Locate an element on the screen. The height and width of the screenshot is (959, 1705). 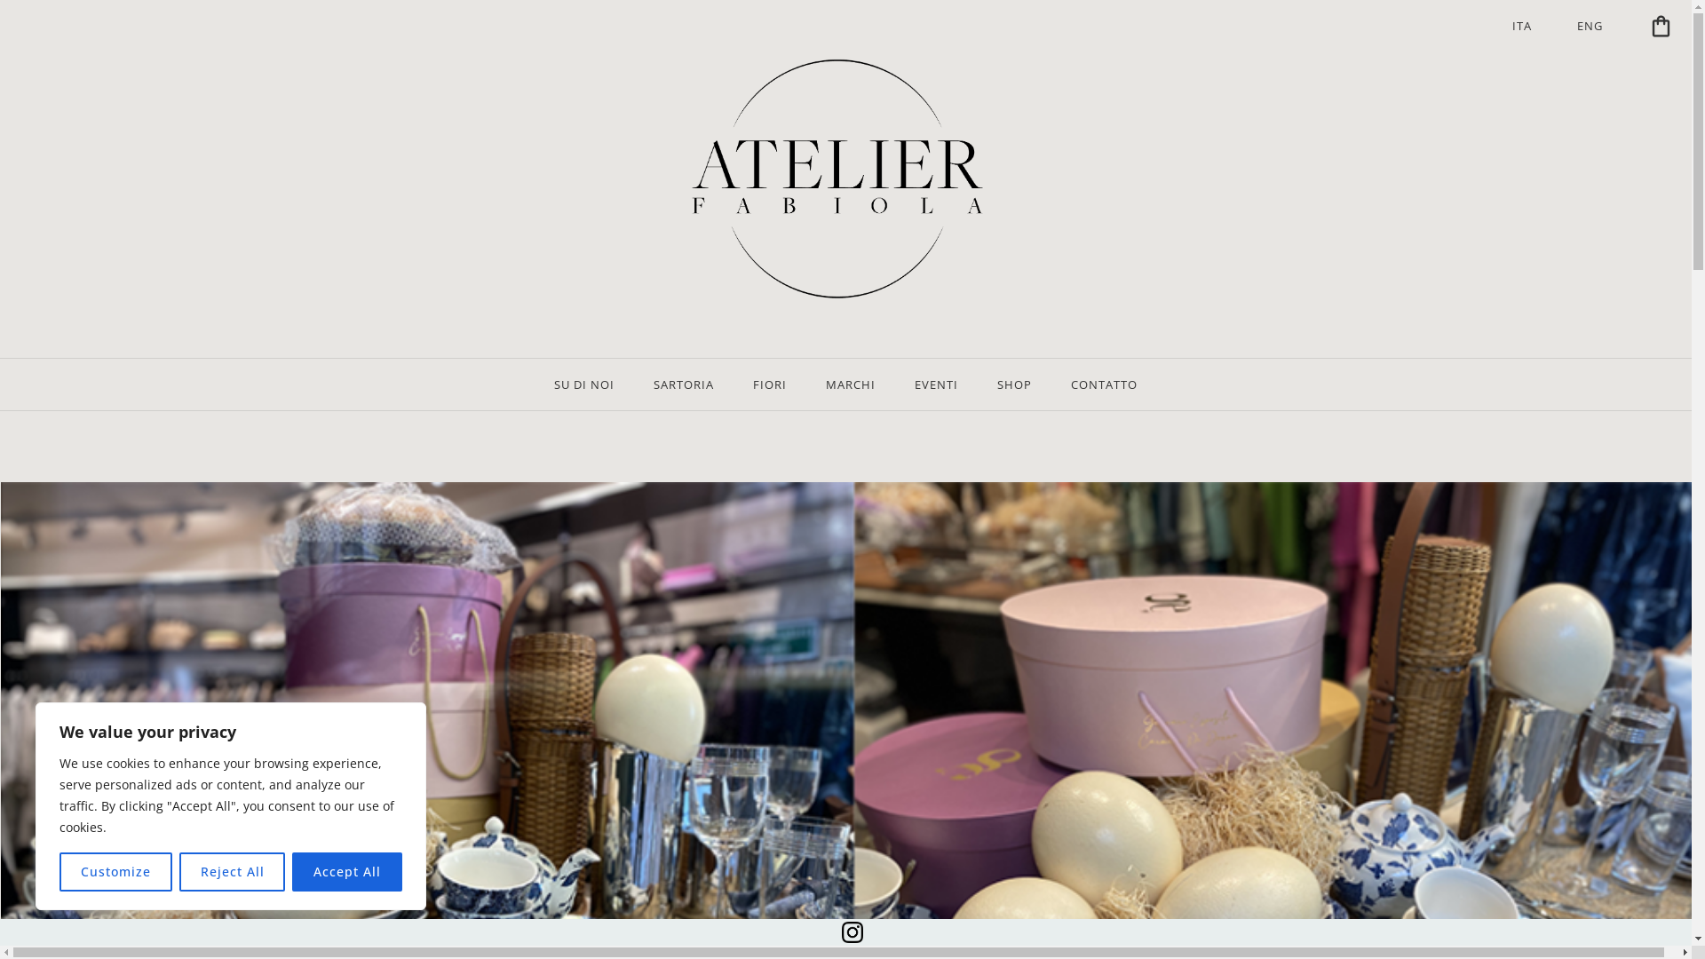
'SU DI NOI' is located at coordinates (535, 383).